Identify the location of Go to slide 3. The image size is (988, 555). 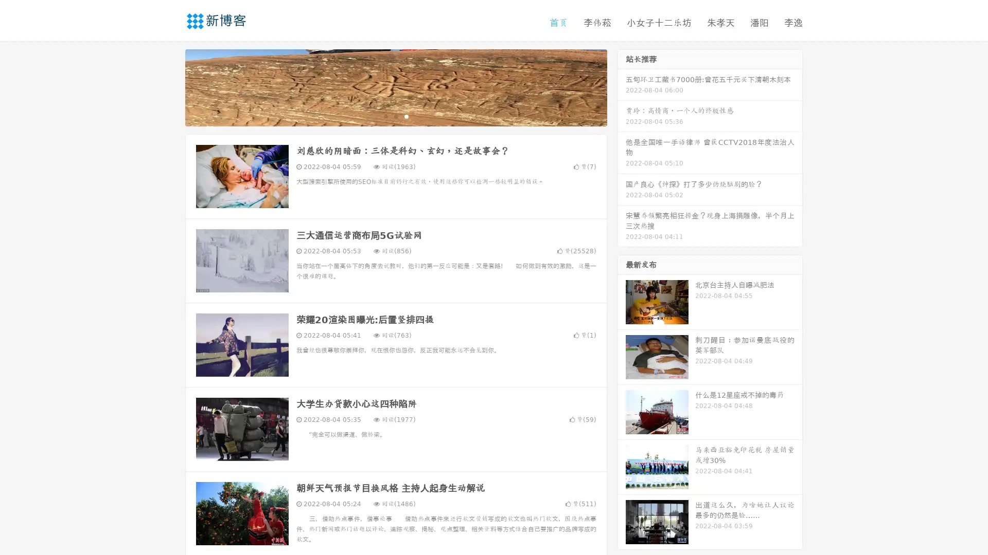
(406, 116).